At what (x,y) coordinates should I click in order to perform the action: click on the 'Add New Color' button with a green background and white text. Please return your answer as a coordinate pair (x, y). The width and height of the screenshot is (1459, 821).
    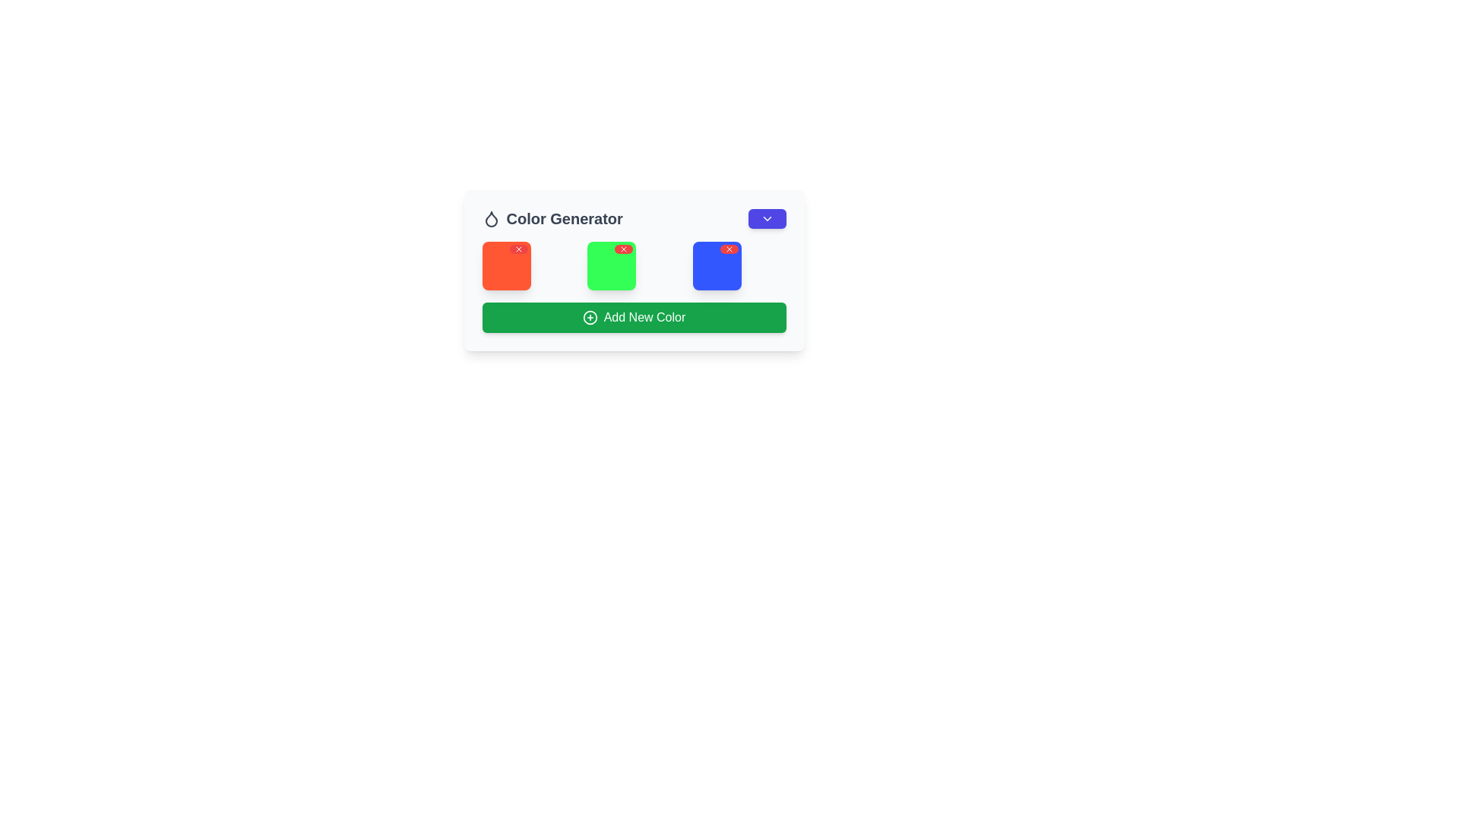
    Looking at the image, I should click on (634, 316).